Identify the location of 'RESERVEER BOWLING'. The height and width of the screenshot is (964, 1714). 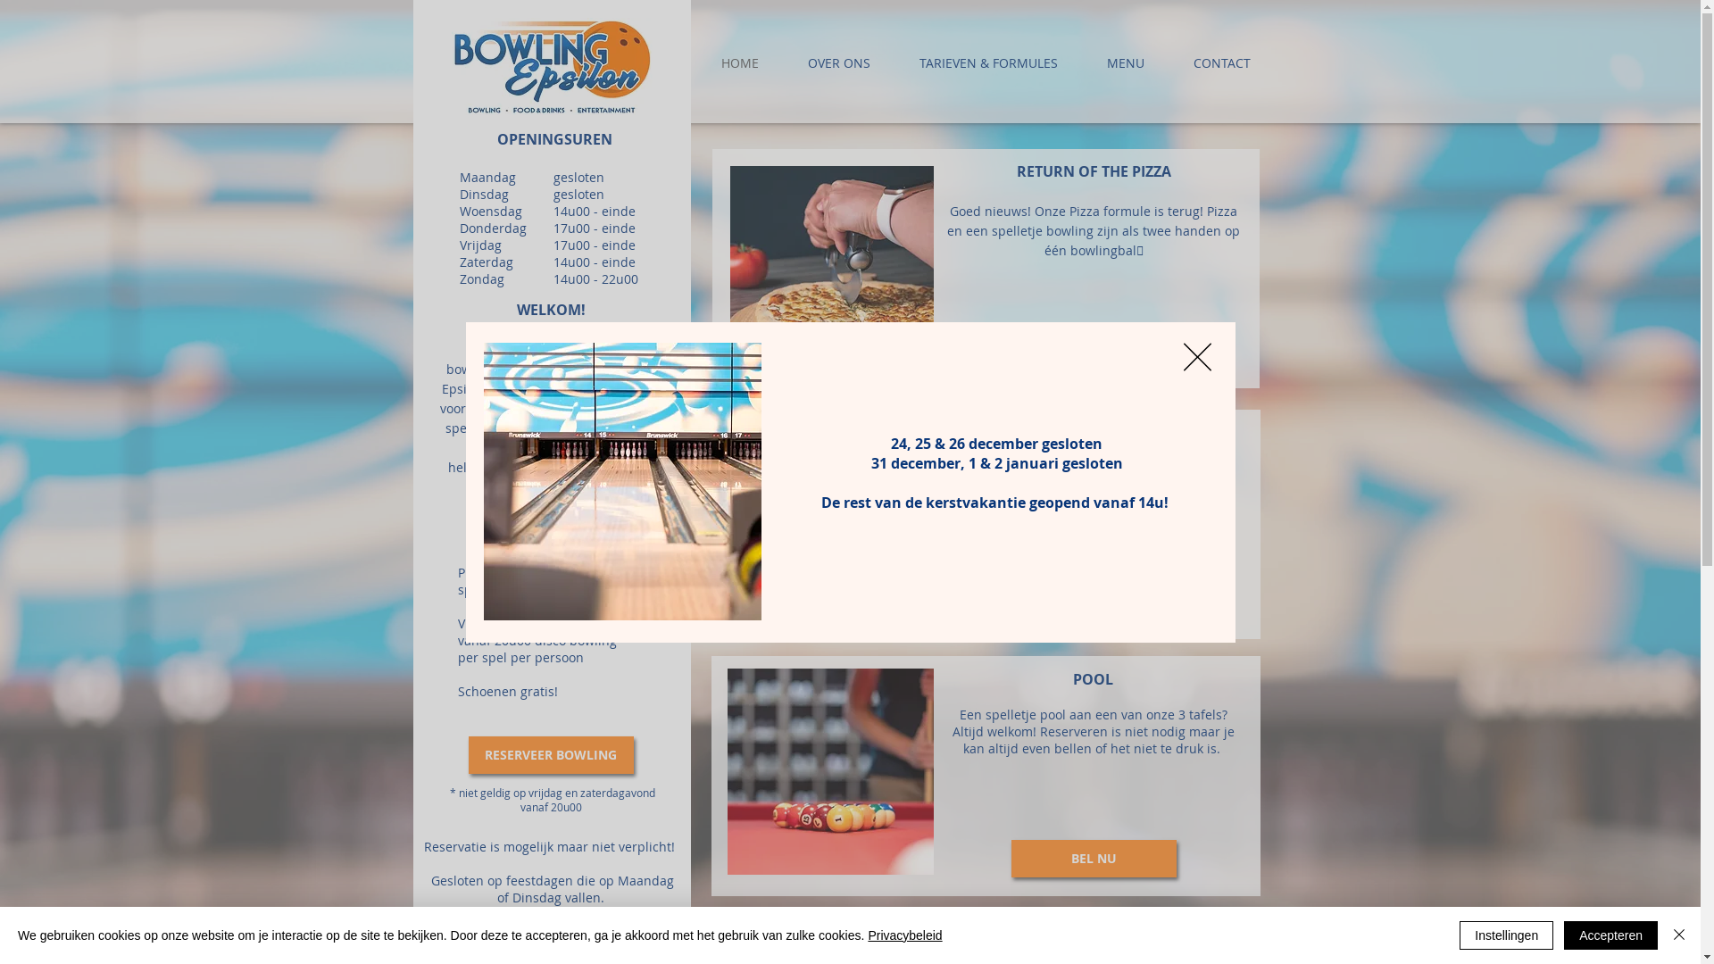
(549, 754).